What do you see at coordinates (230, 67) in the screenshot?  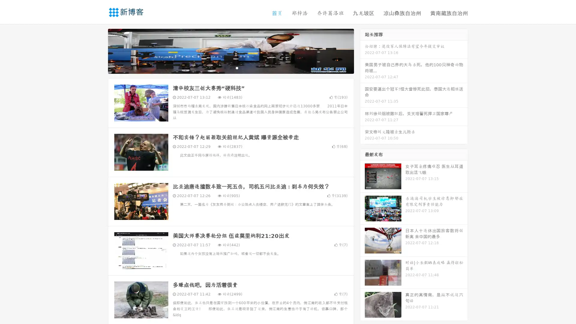 I see `Go to slide 2` at bounding box center [230, 67].